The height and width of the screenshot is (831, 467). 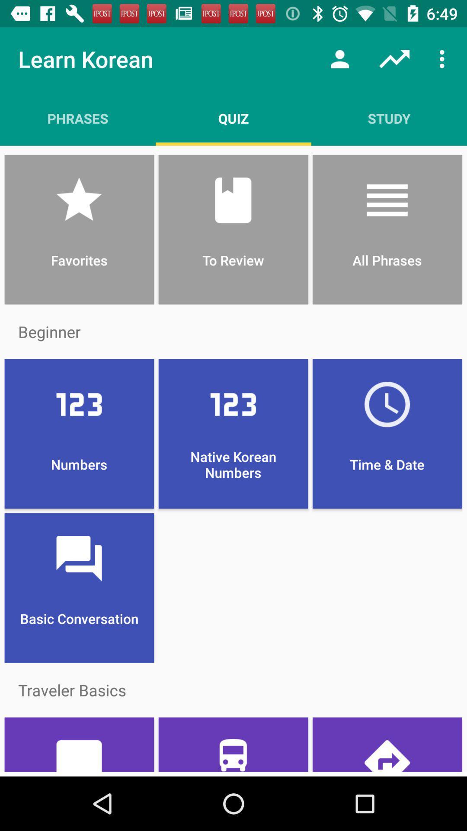 I want to click on icon next to phrases, so click(x=233, y=118).